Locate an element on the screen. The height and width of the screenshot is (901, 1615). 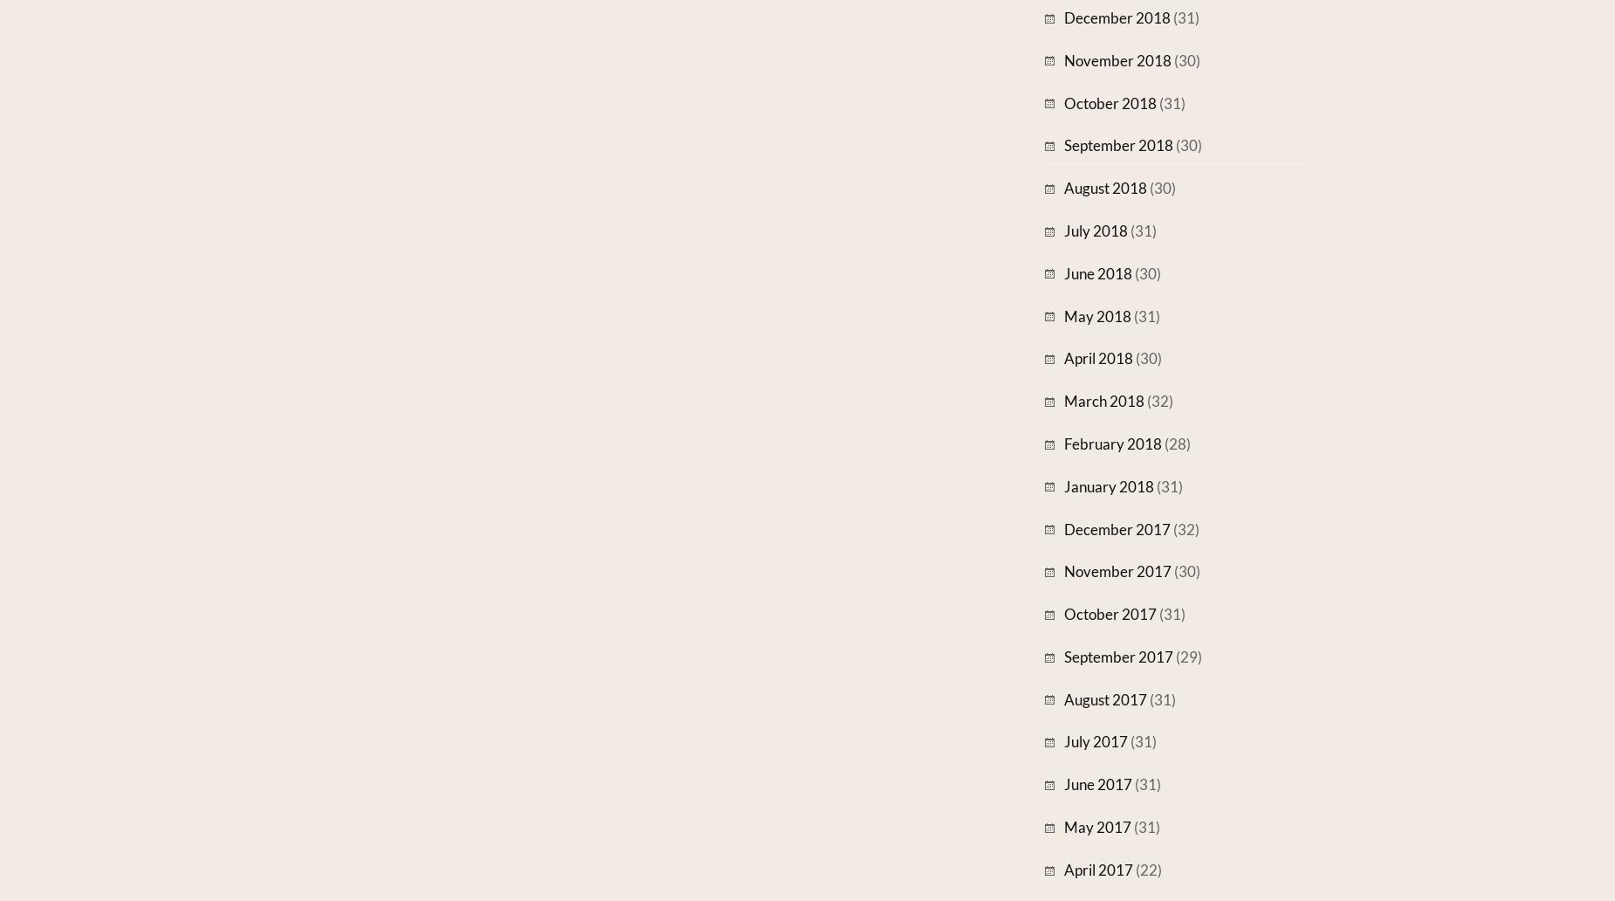
'February 2018' is located at coordinates (1112, 442).